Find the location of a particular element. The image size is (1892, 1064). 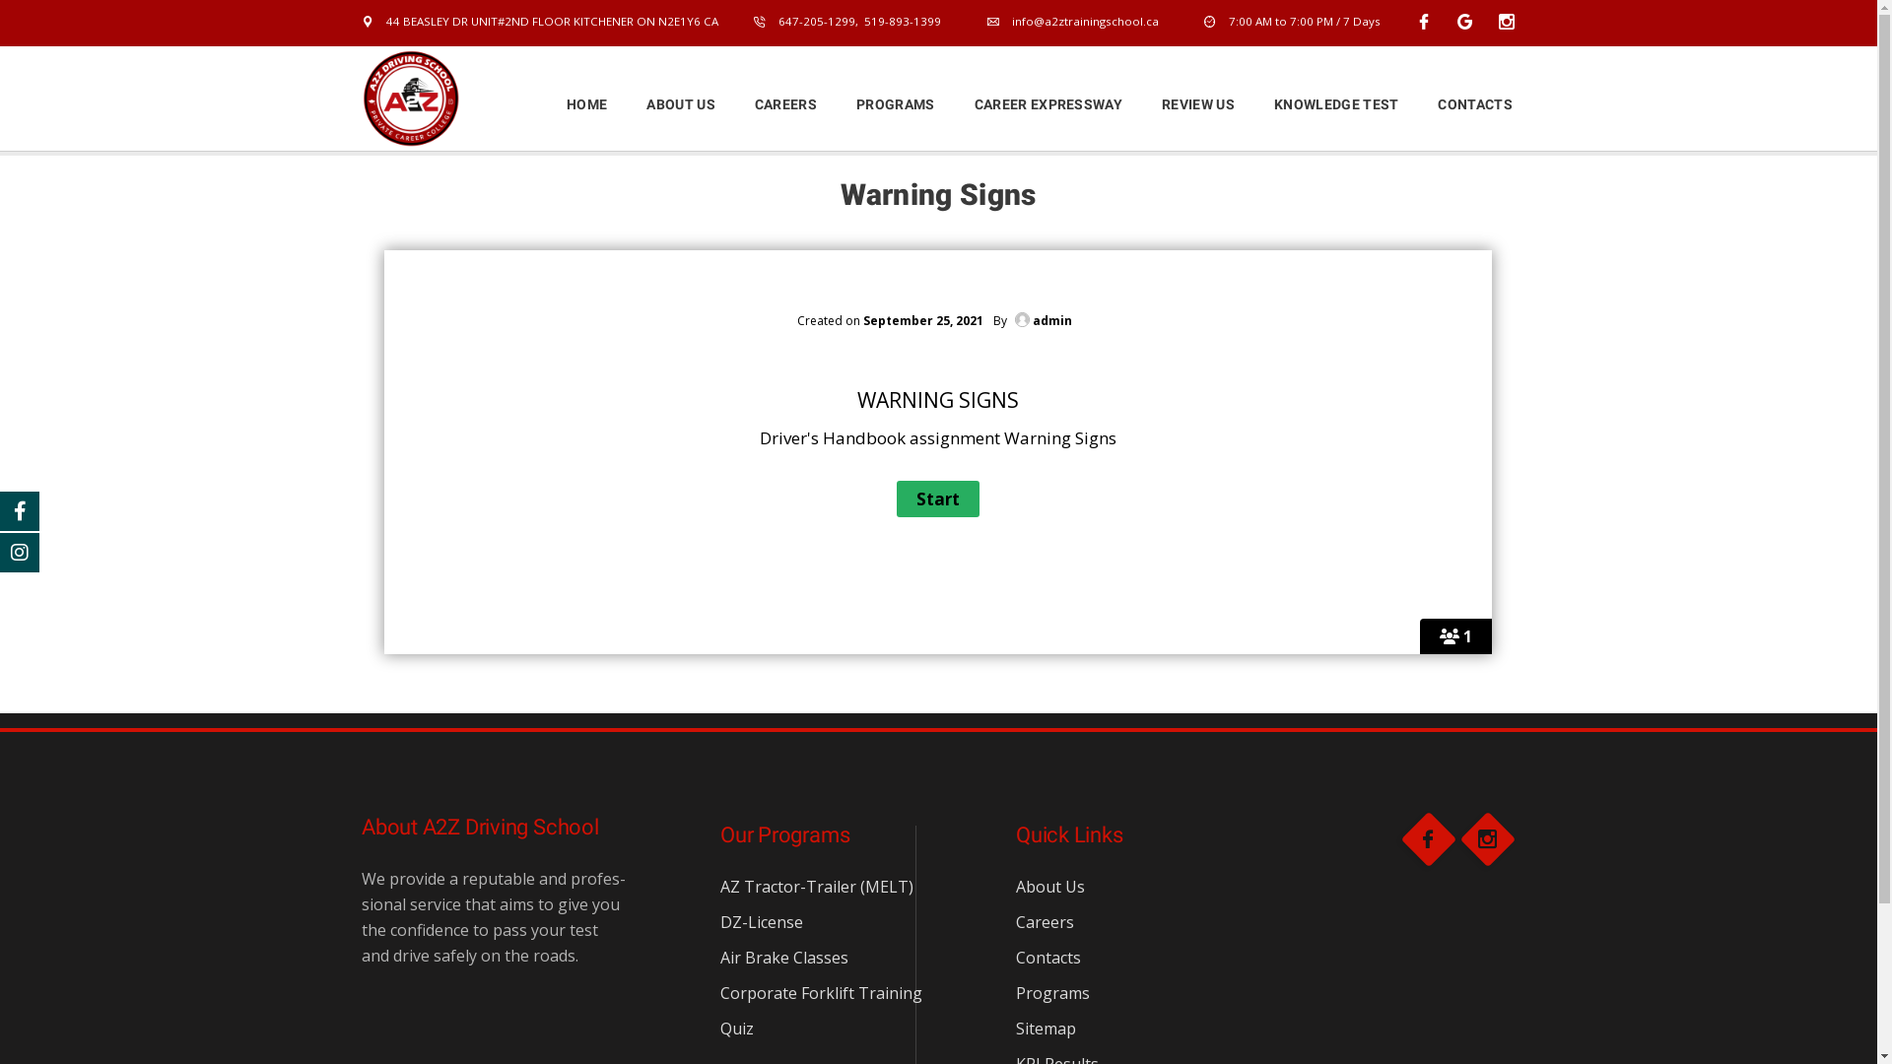

'KNOWLEDGE TEST' is located at coordinates (1336, 103).